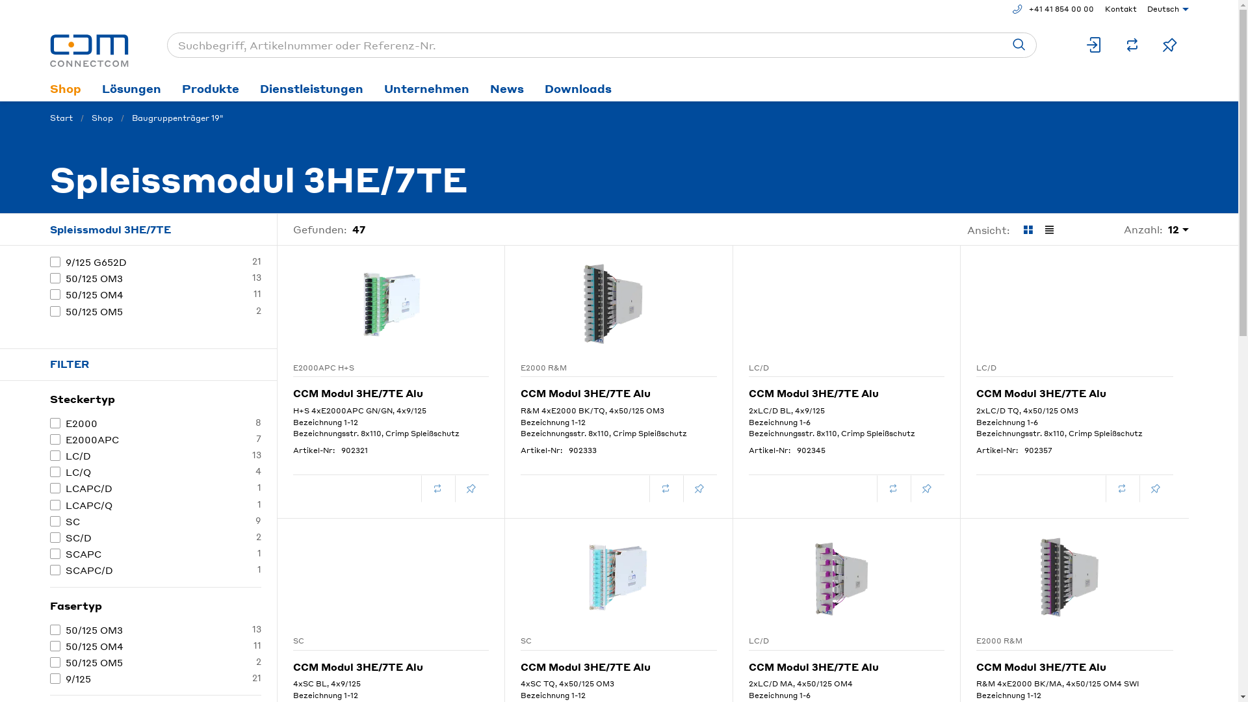  What do you see at coordinates (373, 368) in the screenshot?
I see `'E2000APC H+S'` at bounding box center [373, 368].